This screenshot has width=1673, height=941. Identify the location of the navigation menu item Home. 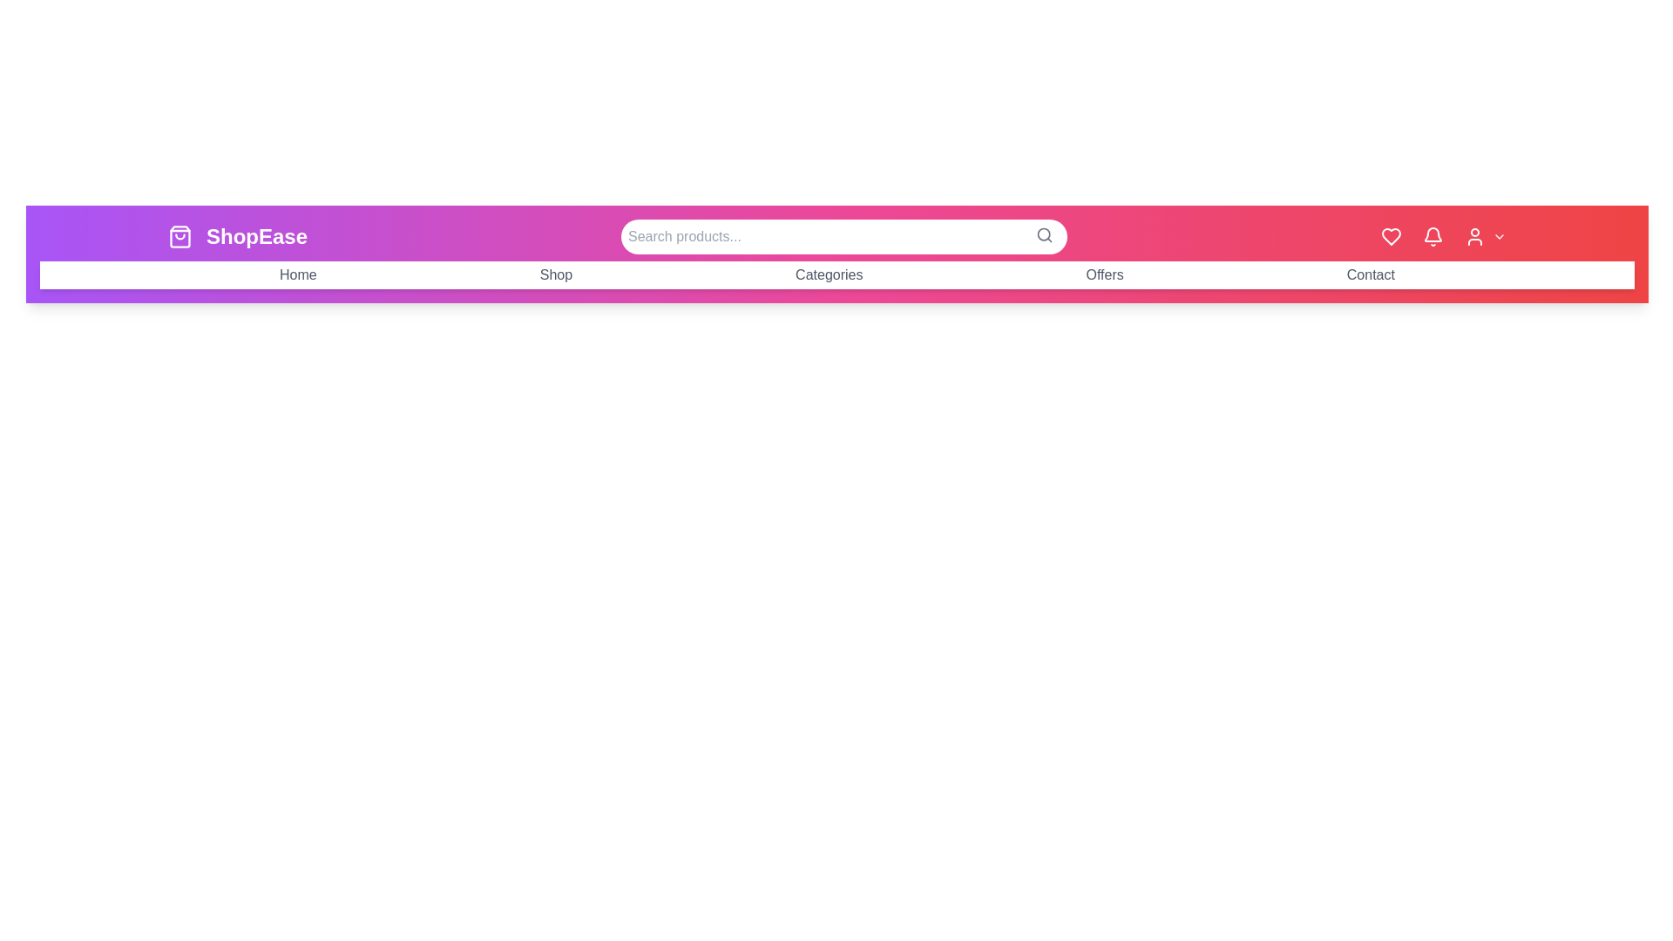
(297, 274).